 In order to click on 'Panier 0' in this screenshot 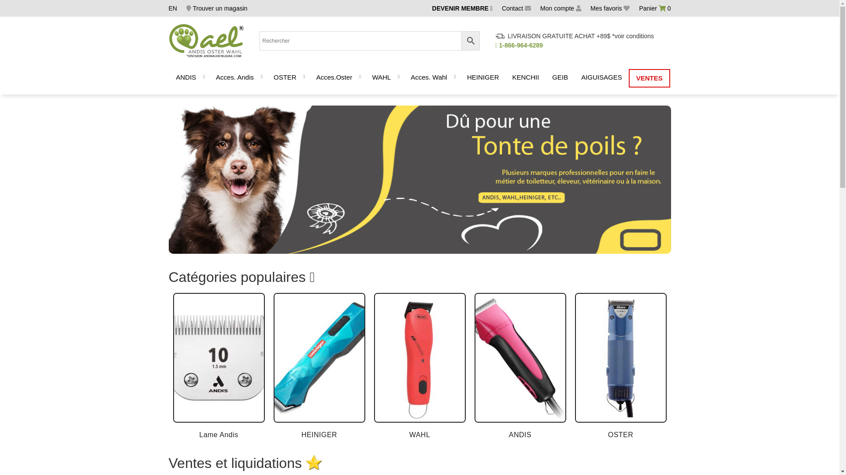, I will do `click(655, 8)`.